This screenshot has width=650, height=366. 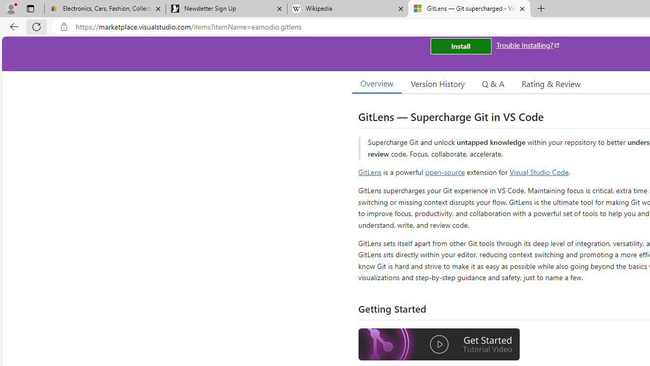 I want to click on 'Q & A', so click(x=493, y=83).